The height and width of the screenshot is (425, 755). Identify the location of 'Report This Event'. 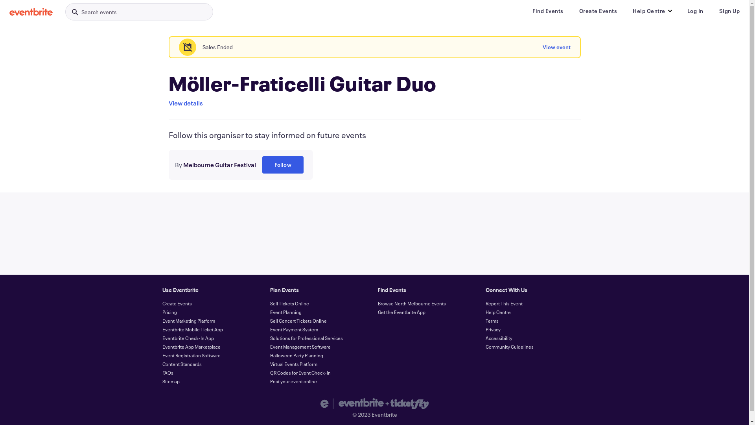
(504, 303).